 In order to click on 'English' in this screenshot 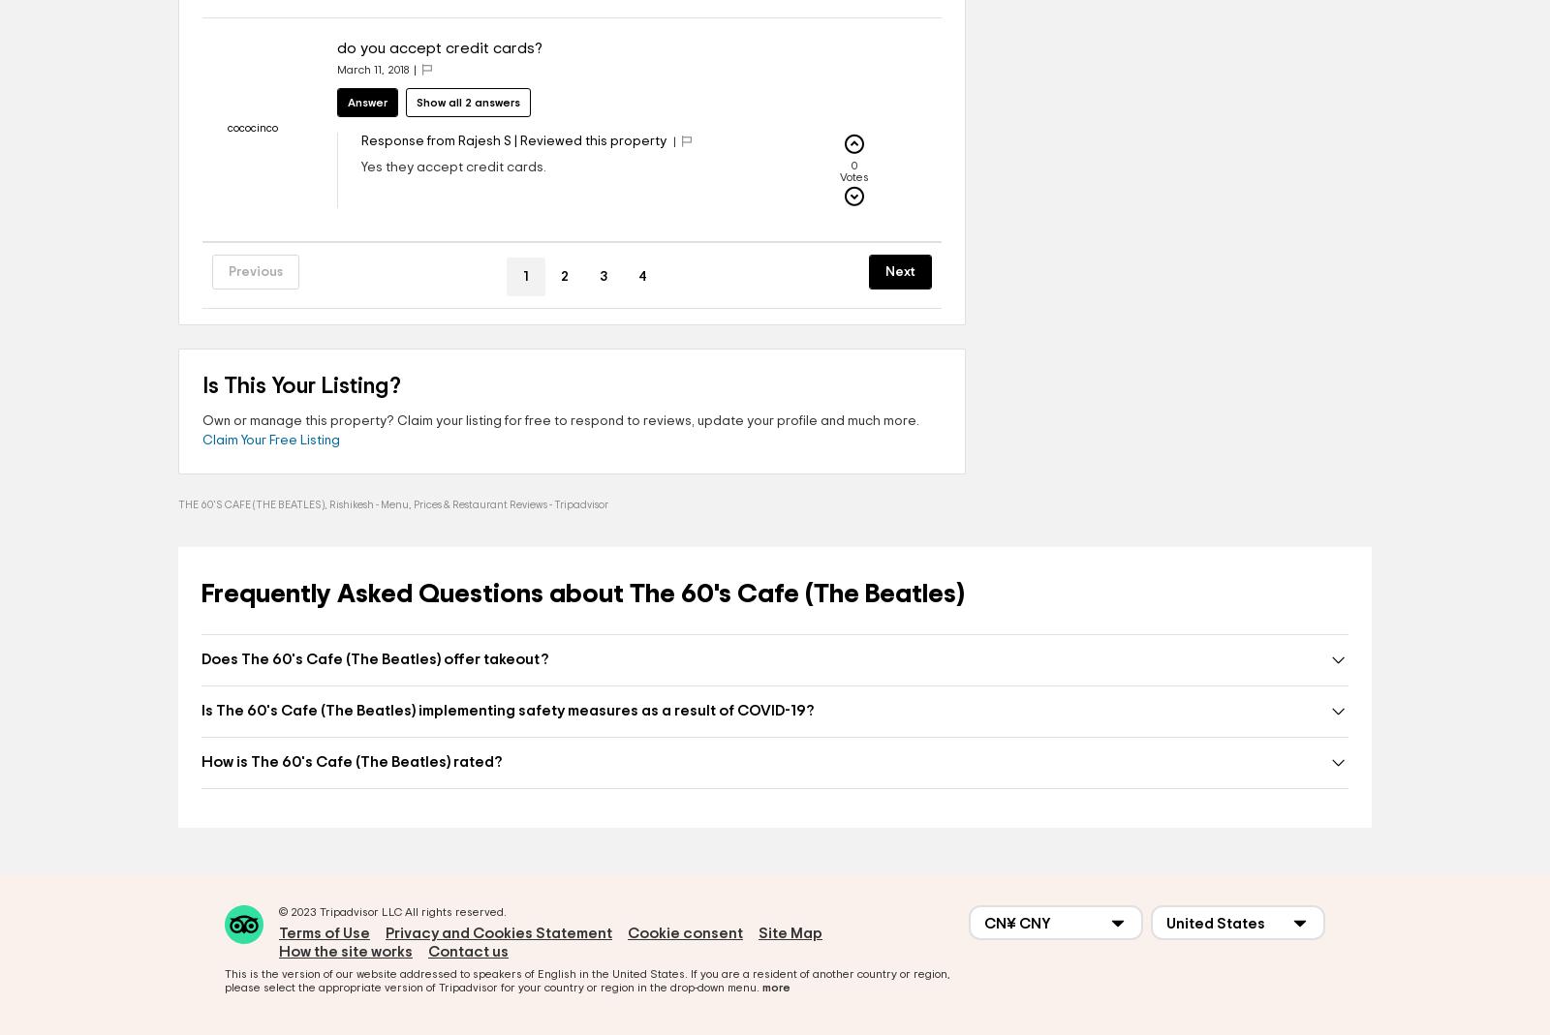, I will do `click(556, 974)`.